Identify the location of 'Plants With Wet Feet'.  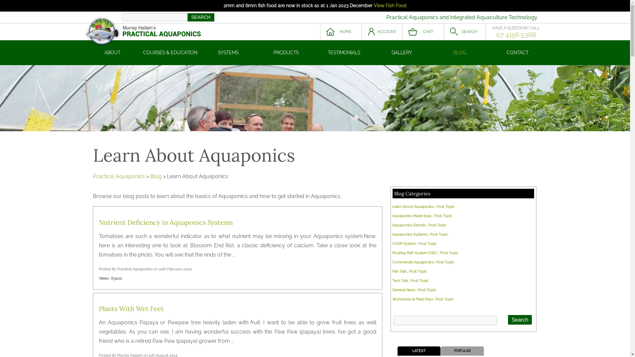
(131, 308).